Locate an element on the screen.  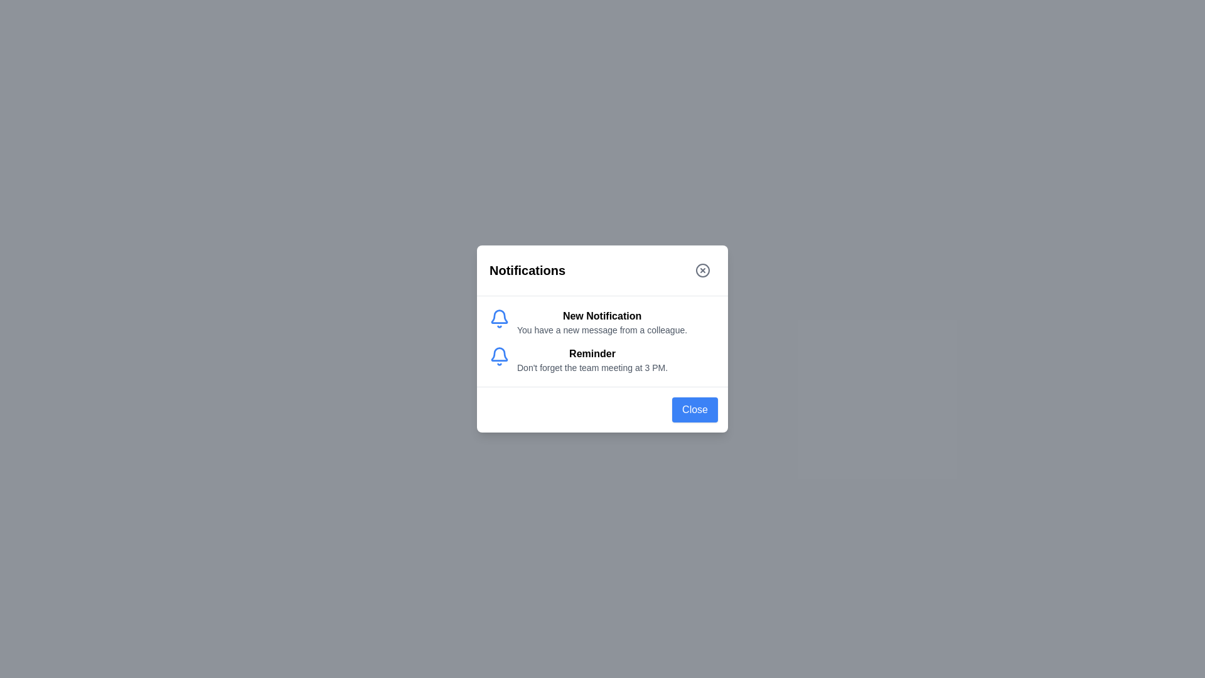
the interactive notification item featuring a blue bell icon and the title 'Reminder' located in the notification list is located at coordinates (602, 360).